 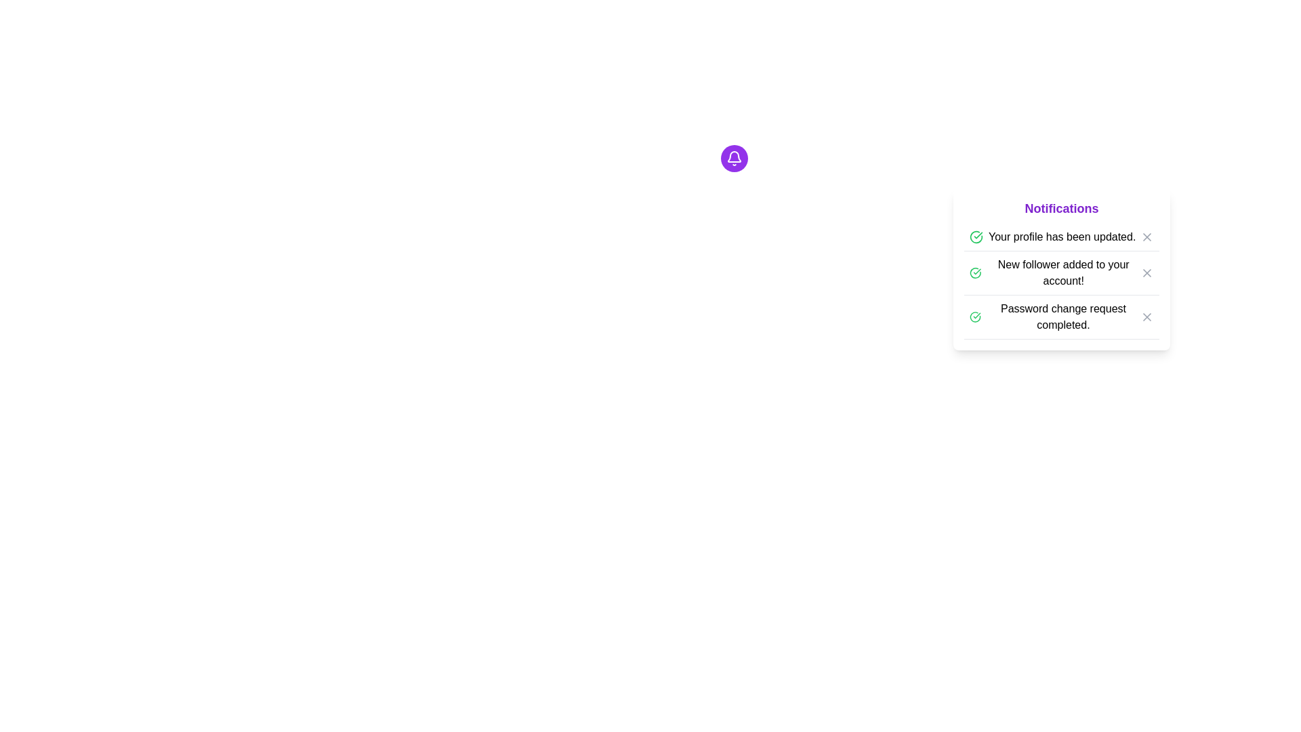 What do you see at coordinates (1147, 272) in the screenshot?
I see `the dismiss button located within the notification card interface` at bounding box center [1147, 272].